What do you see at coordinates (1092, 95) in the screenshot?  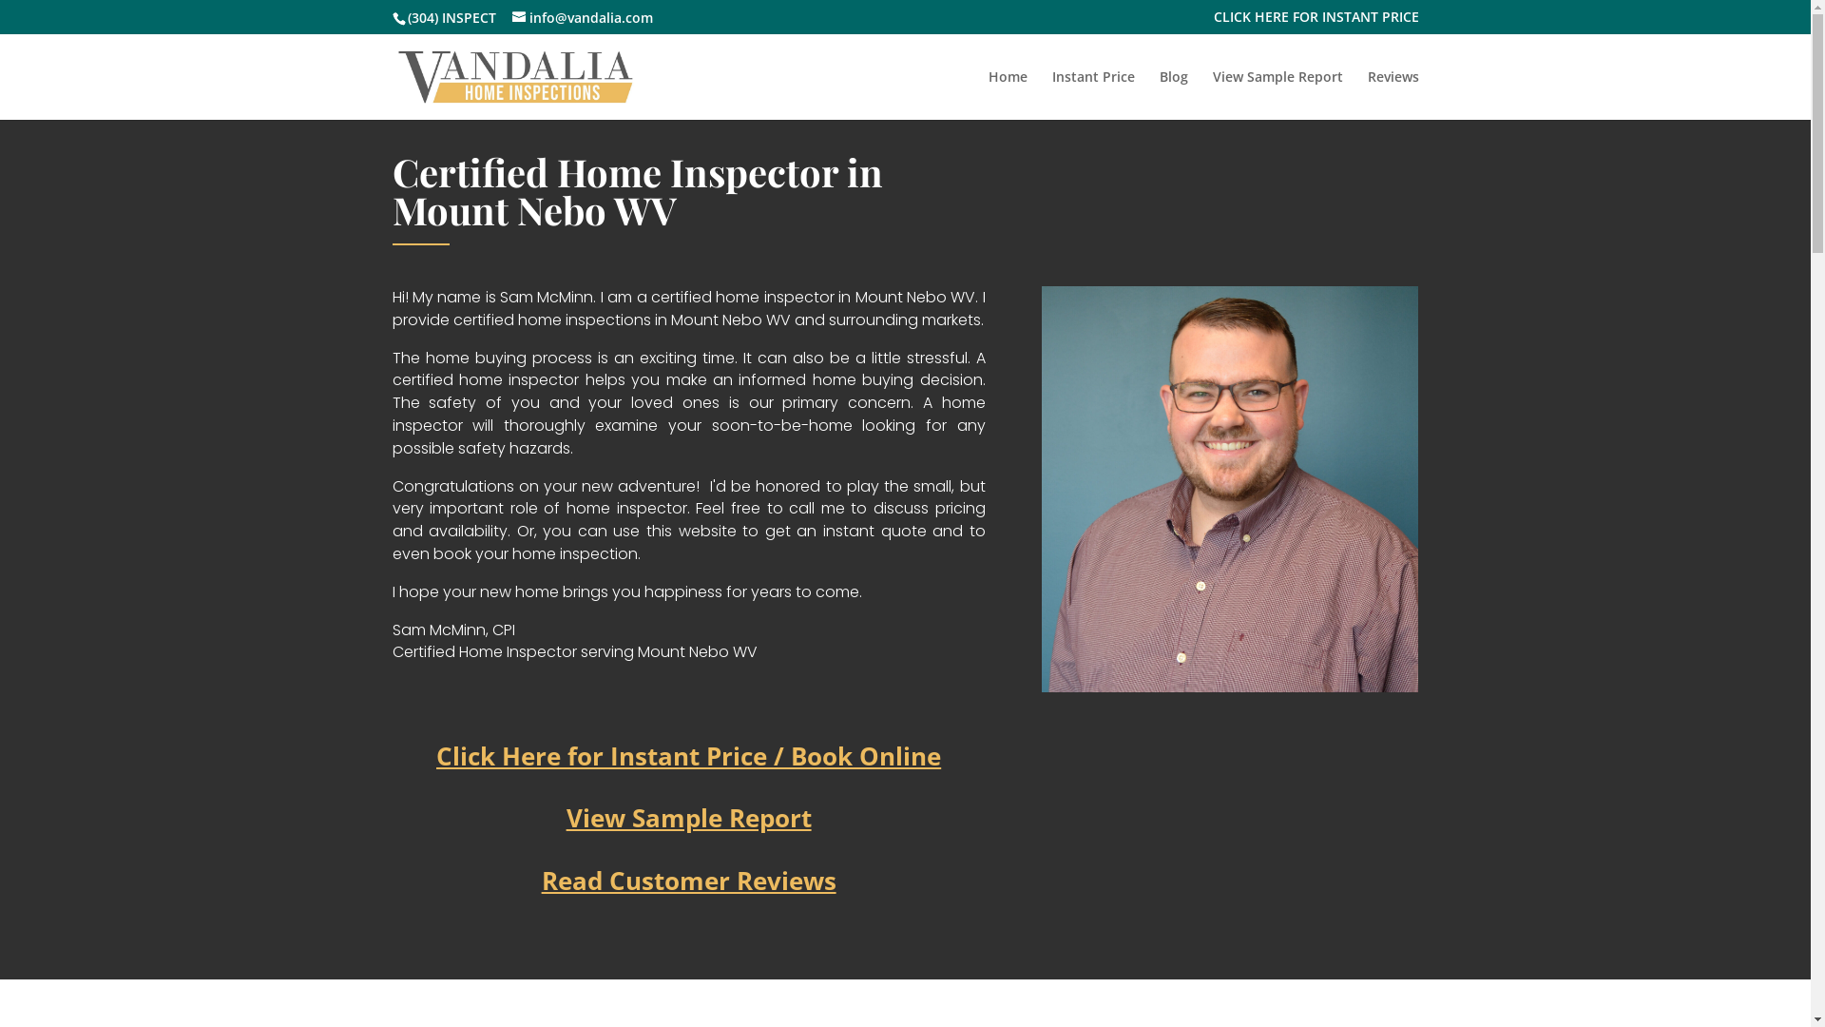 I see `'Instant Price'` at bounding box center [1092, 95].